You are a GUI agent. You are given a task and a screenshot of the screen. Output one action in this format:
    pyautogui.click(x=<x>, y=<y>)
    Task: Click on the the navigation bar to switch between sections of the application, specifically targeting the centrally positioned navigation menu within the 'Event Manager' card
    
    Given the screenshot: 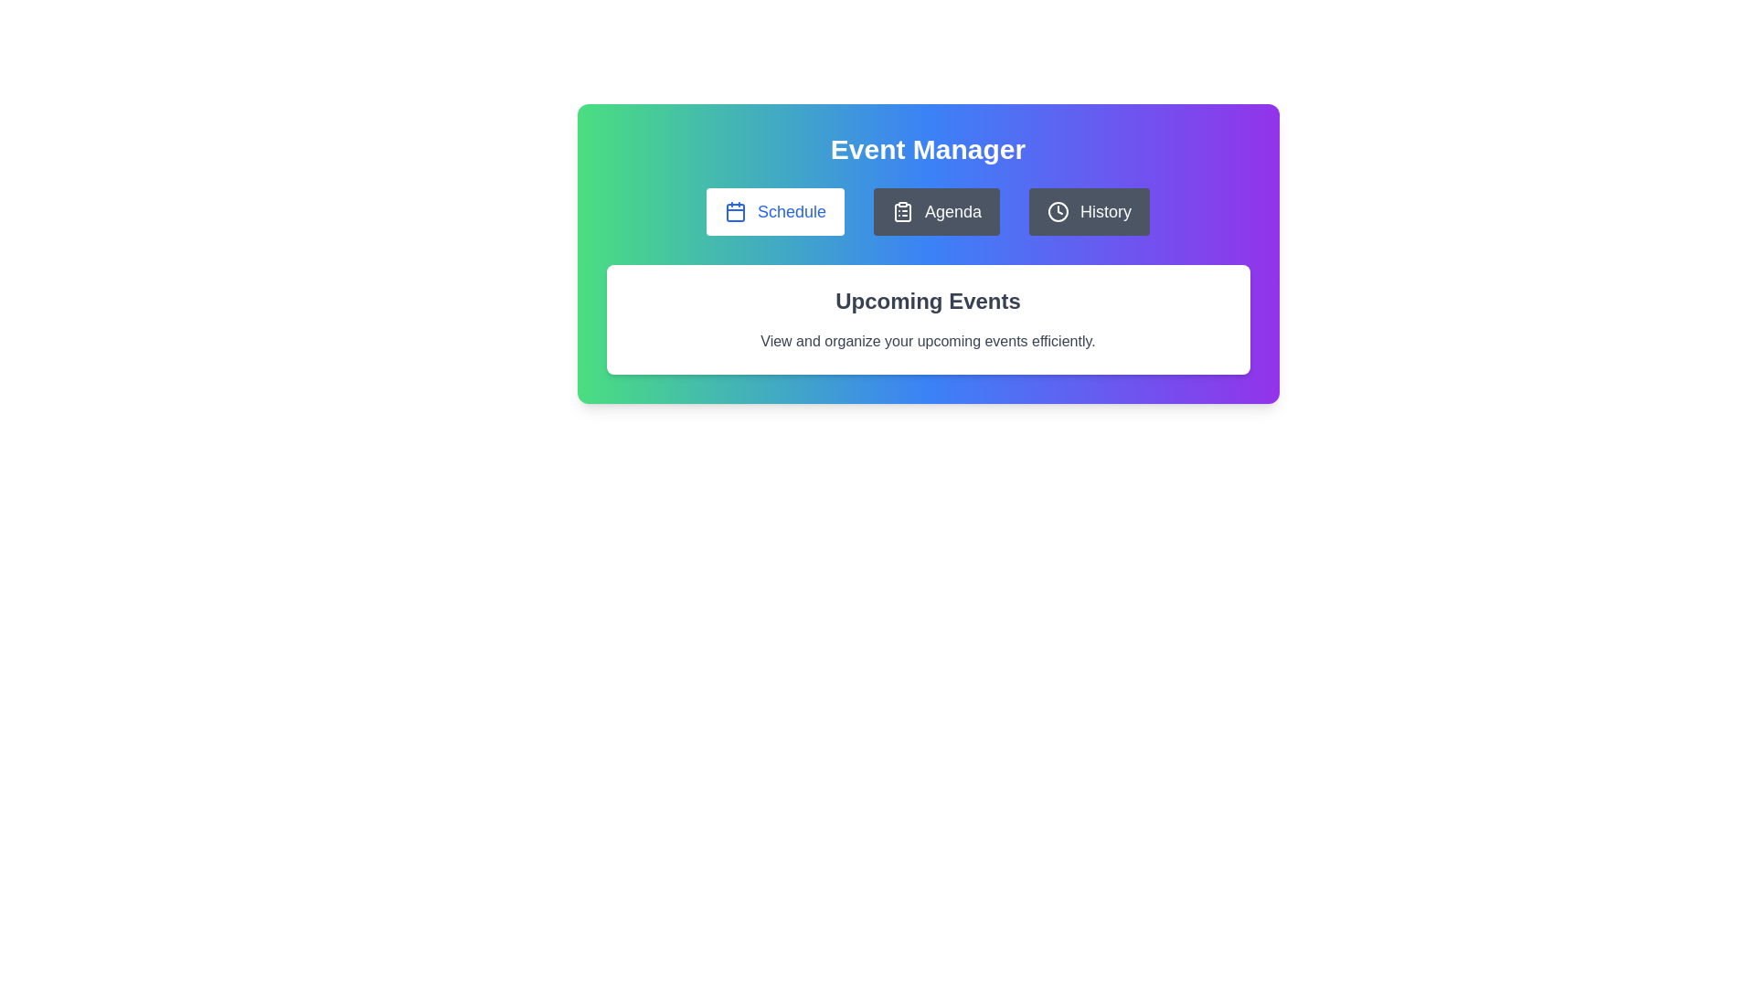 What is the action you would take?
    pyautogui.click(x=928, y=210)
    